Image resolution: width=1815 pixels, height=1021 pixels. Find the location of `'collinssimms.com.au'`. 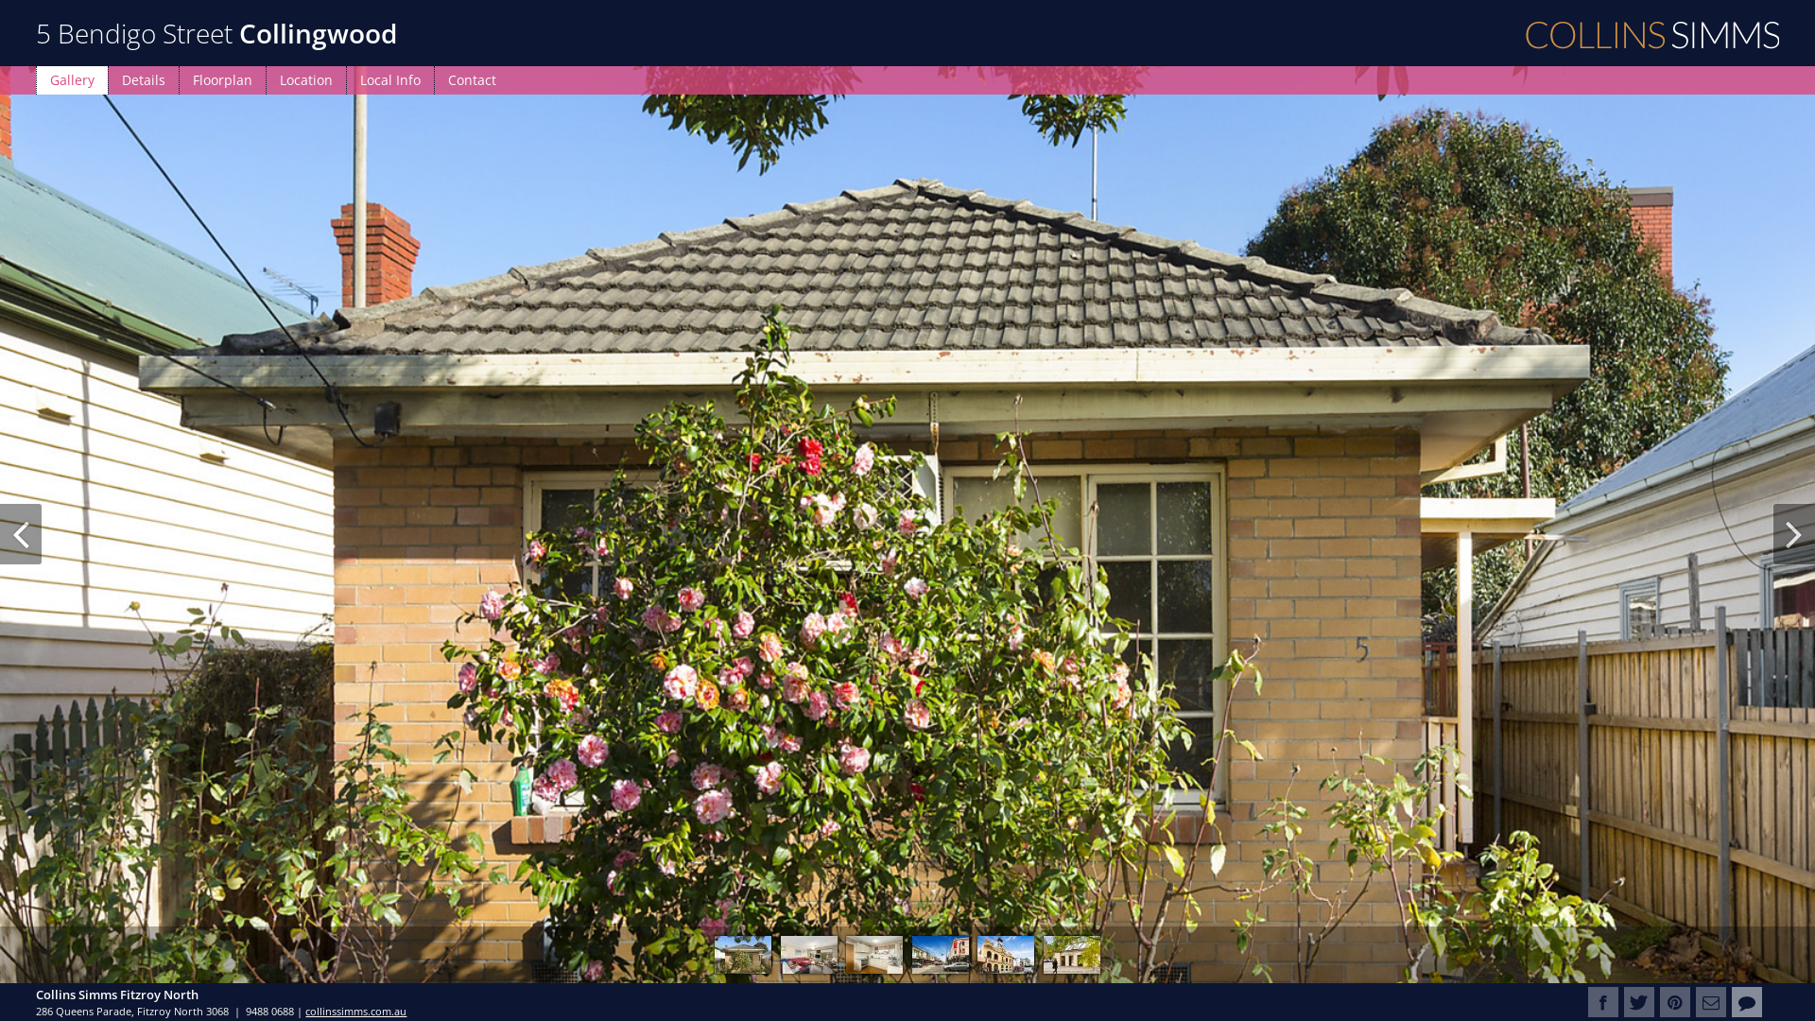

'collinssimms.com.au' is located at coordinates (355, 1010).